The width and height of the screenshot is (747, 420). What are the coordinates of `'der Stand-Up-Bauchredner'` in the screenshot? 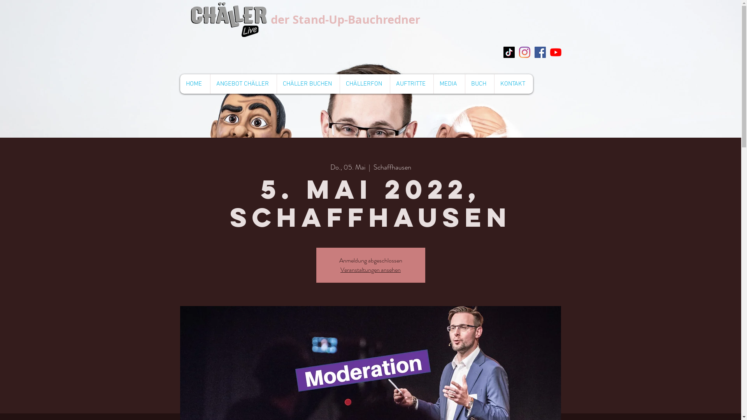 It's located at (345, 19).